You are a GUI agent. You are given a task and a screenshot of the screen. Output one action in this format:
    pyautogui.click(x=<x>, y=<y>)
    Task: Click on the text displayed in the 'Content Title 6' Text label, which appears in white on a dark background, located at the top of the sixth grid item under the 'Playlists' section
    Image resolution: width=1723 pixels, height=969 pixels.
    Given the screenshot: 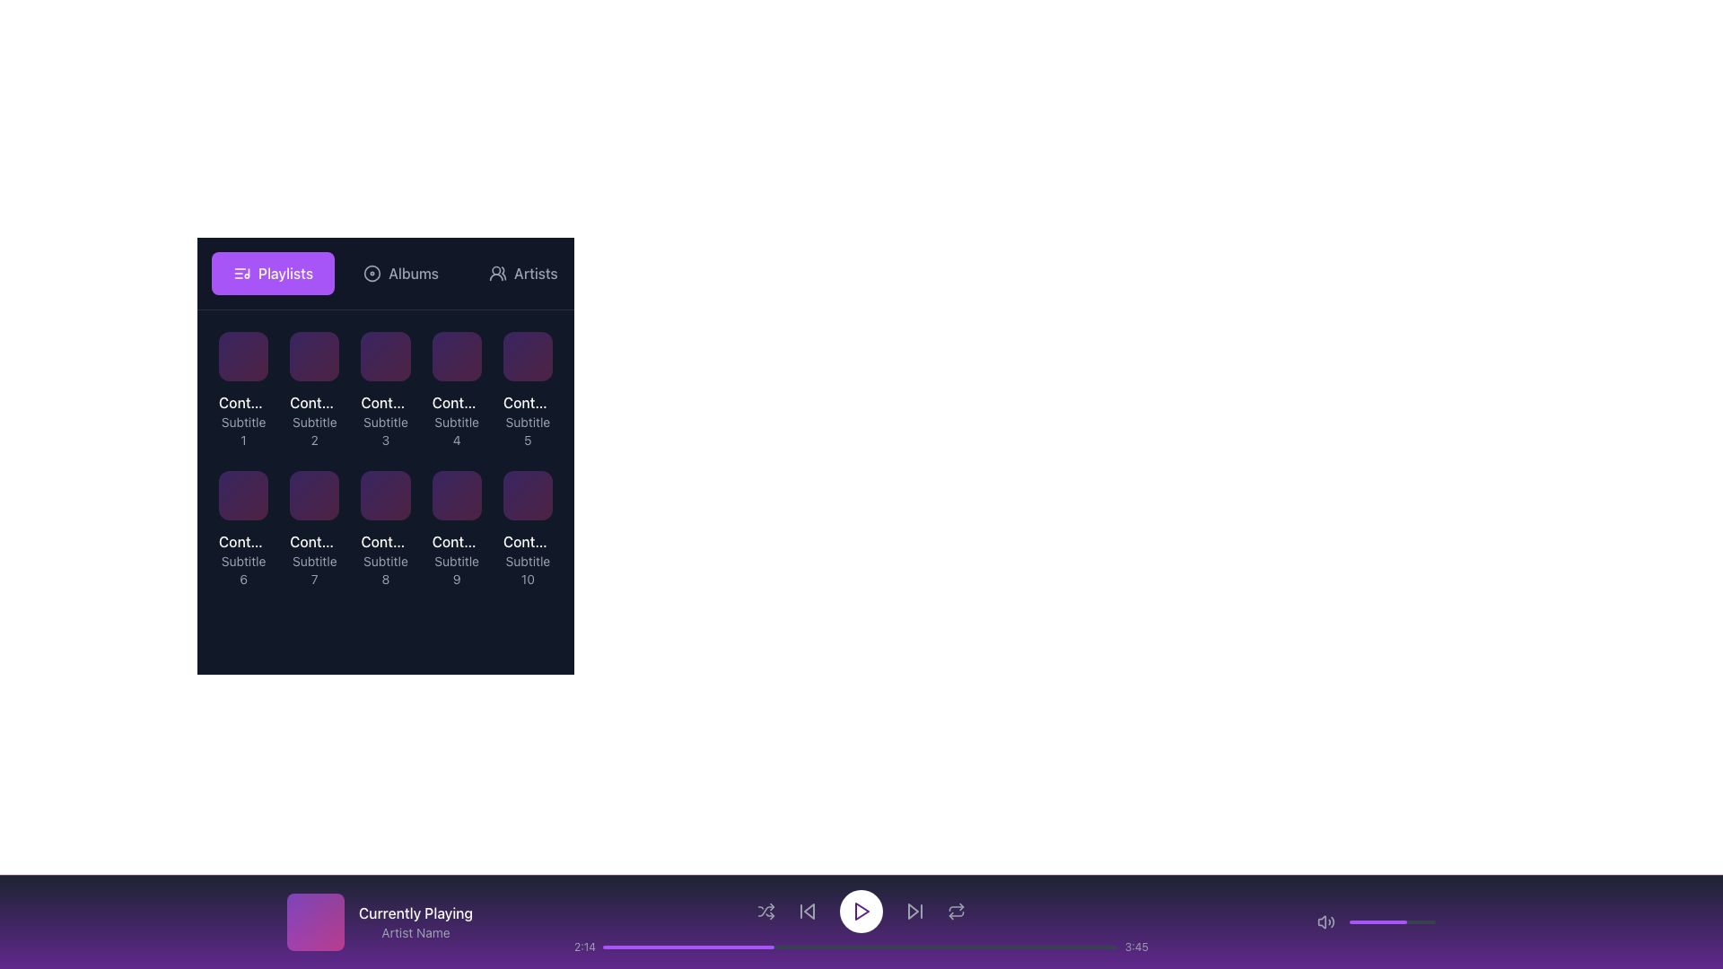 What is the action you would take?
    pyautogui.click(x=242, y=541)
    